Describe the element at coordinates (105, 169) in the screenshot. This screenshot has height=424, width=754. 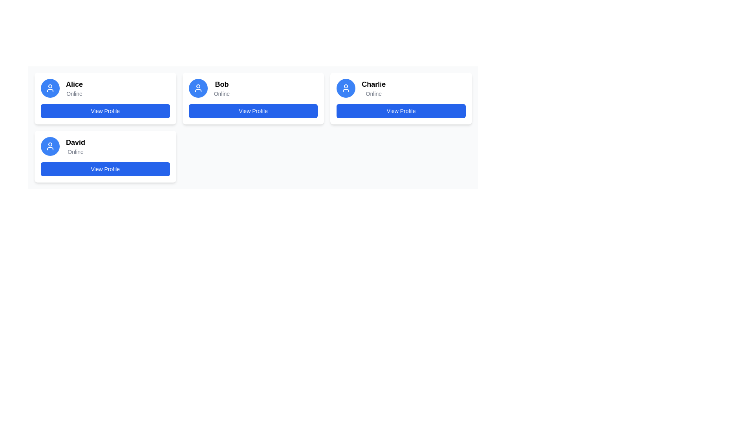
I see `the button for user 'David' located at the bottom of the card displaying his name and status` at that location.